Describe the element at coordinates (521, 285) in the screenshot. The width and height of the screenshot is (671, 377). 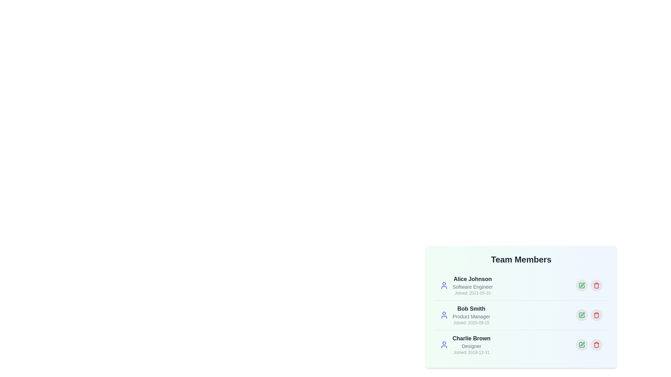
I see `the profile entry corresponding to Alice Johnson` at that location.